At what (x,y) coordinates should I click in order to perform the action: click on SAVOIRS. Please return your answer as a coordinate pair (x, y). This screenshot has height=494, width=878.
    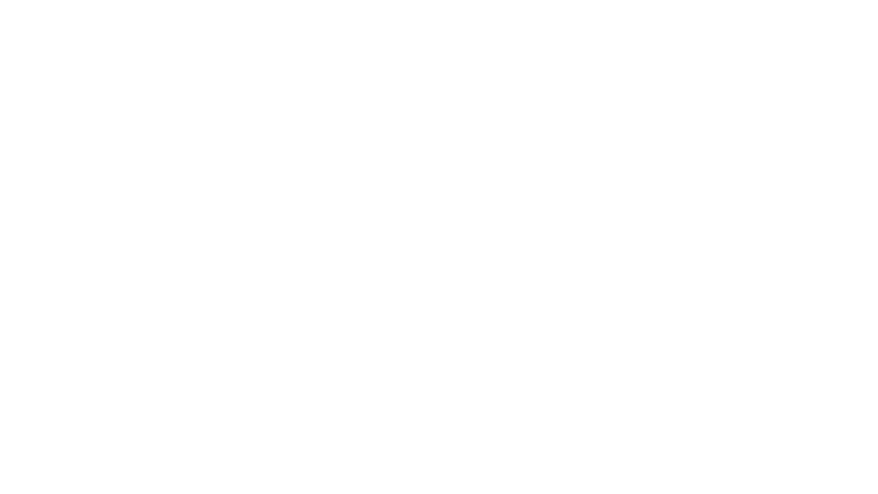
    Looking at the image, I should click on (340, 70).